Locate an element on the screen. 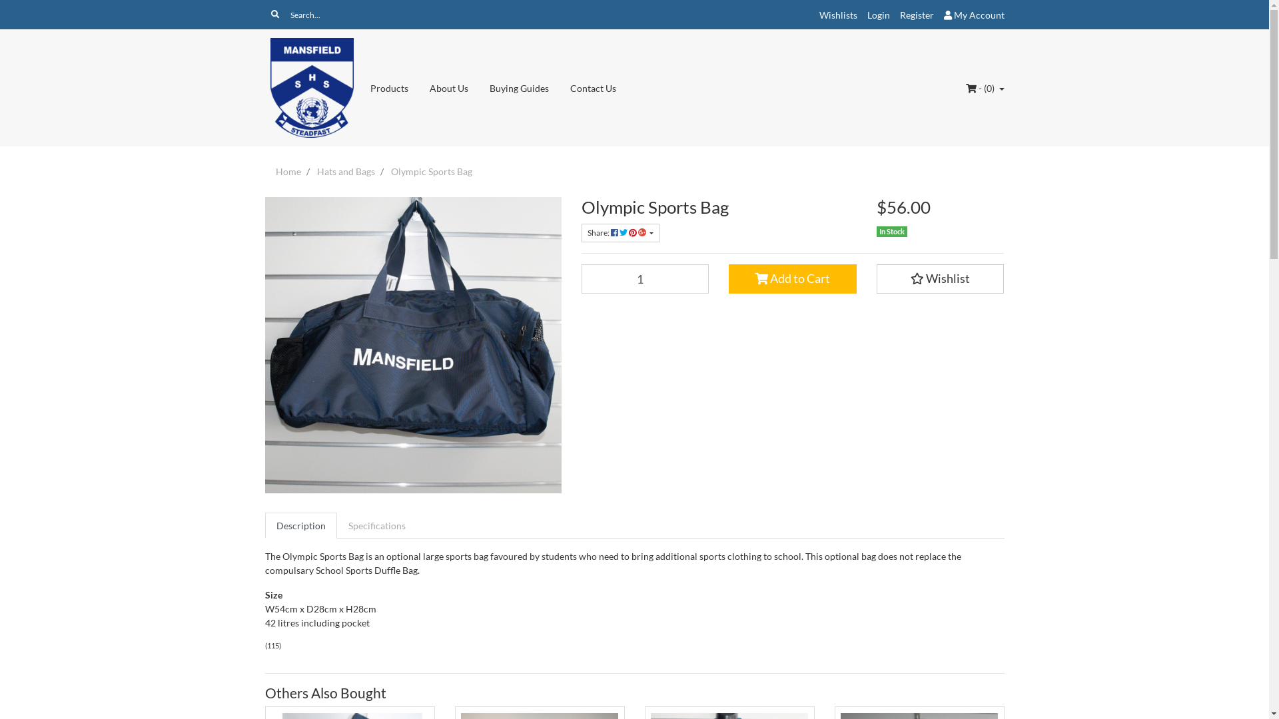 The image size is (1279, 719). 'Buying Guides' is located at coordinates (518, 88).